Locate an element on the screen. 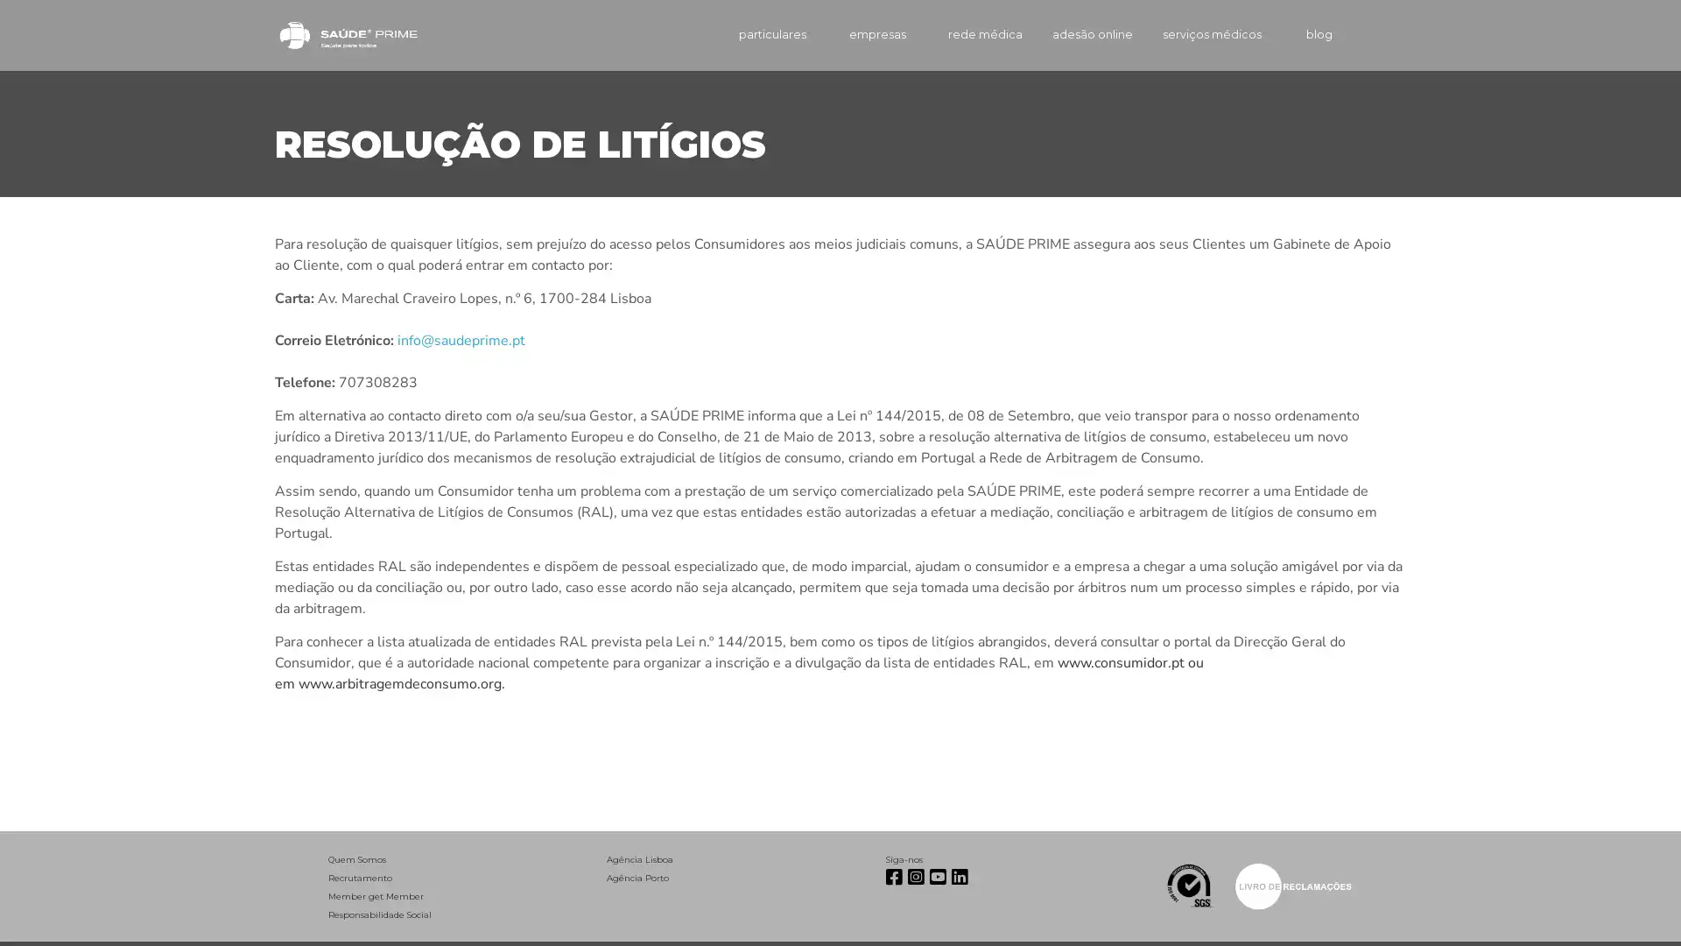  adesao online is located at coordinates (1070, 34).